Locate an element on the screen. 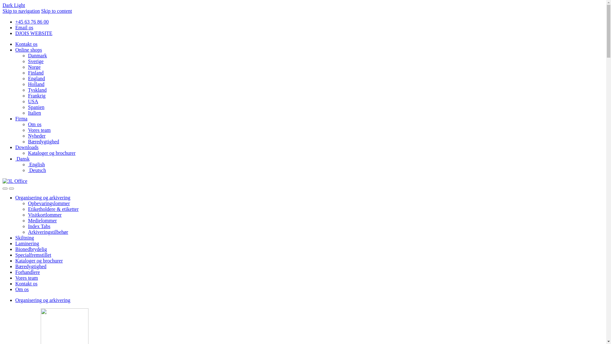  'Forhandlere' is located at coordinates (27, 272).